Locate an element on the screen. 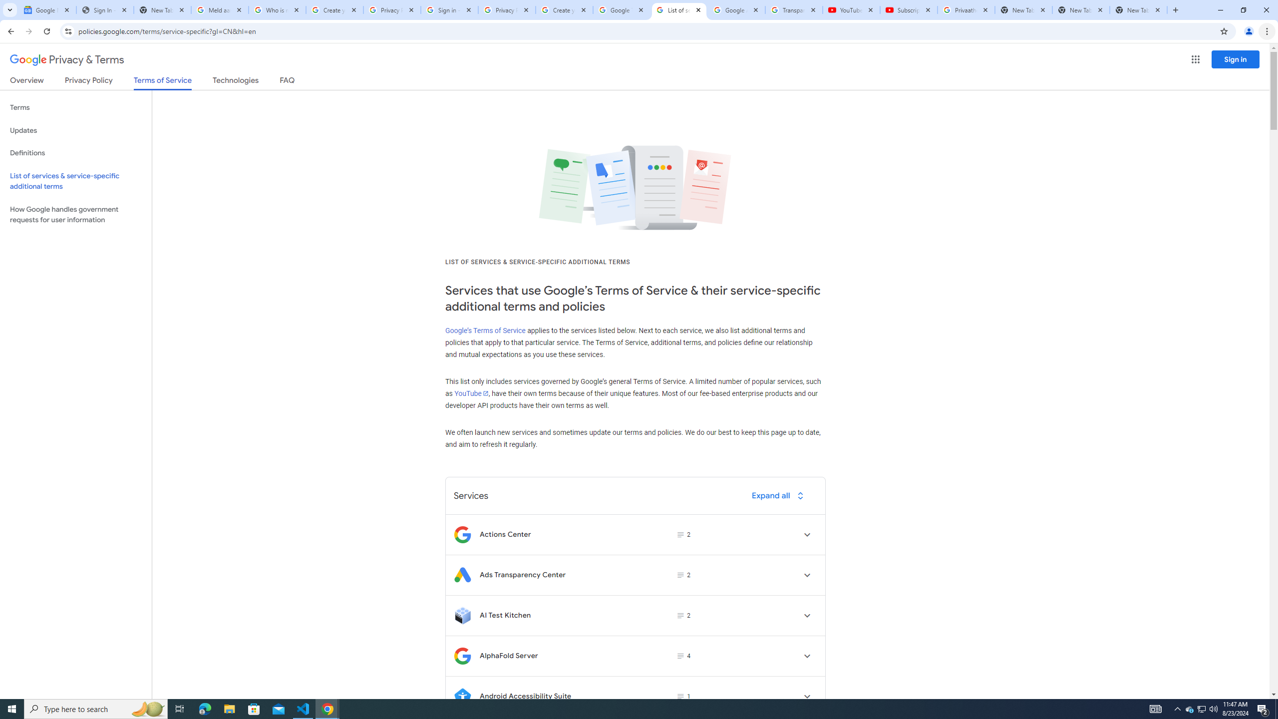 Image resolution: width=1278 pixels, height=719 pixels. 'Who is my administrator? - Google Account Help' is located at coordinates (277, 9).